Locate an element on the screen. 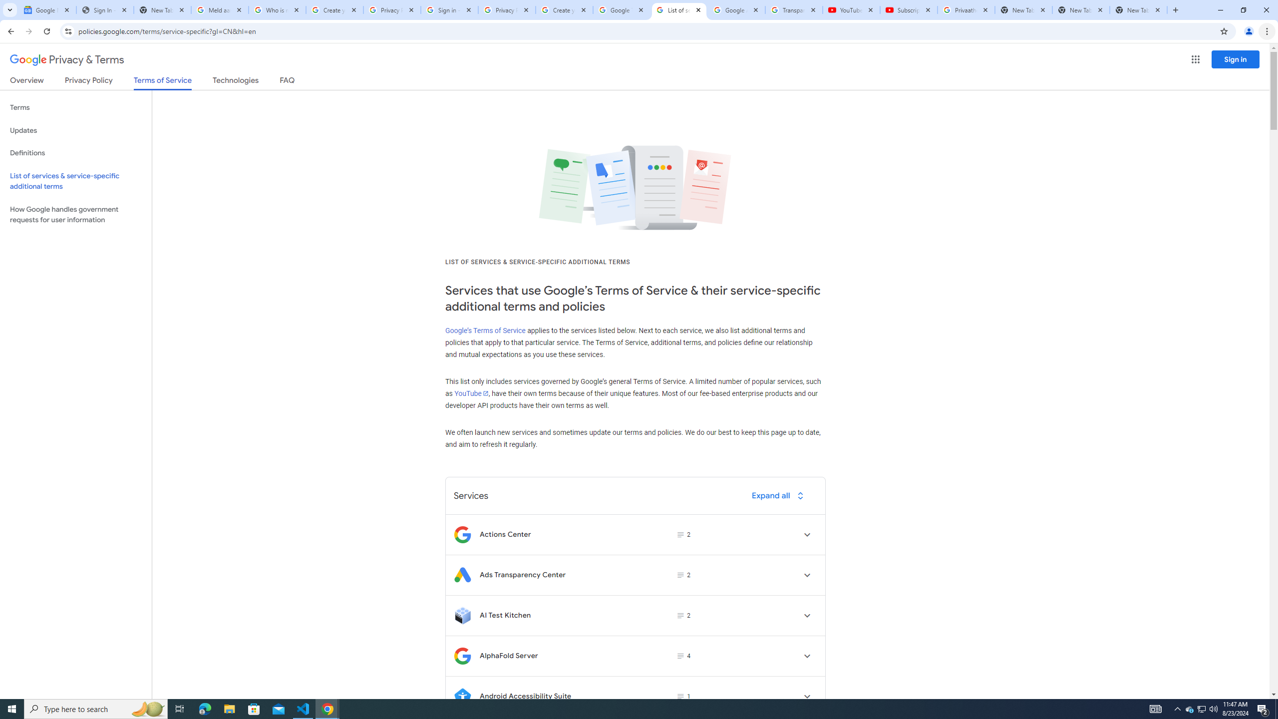 Image resolution: width=1278 pixels, height=719 pixels. 'Who is my administrator? - Google Account Help' is located at coordinates (277, 9).